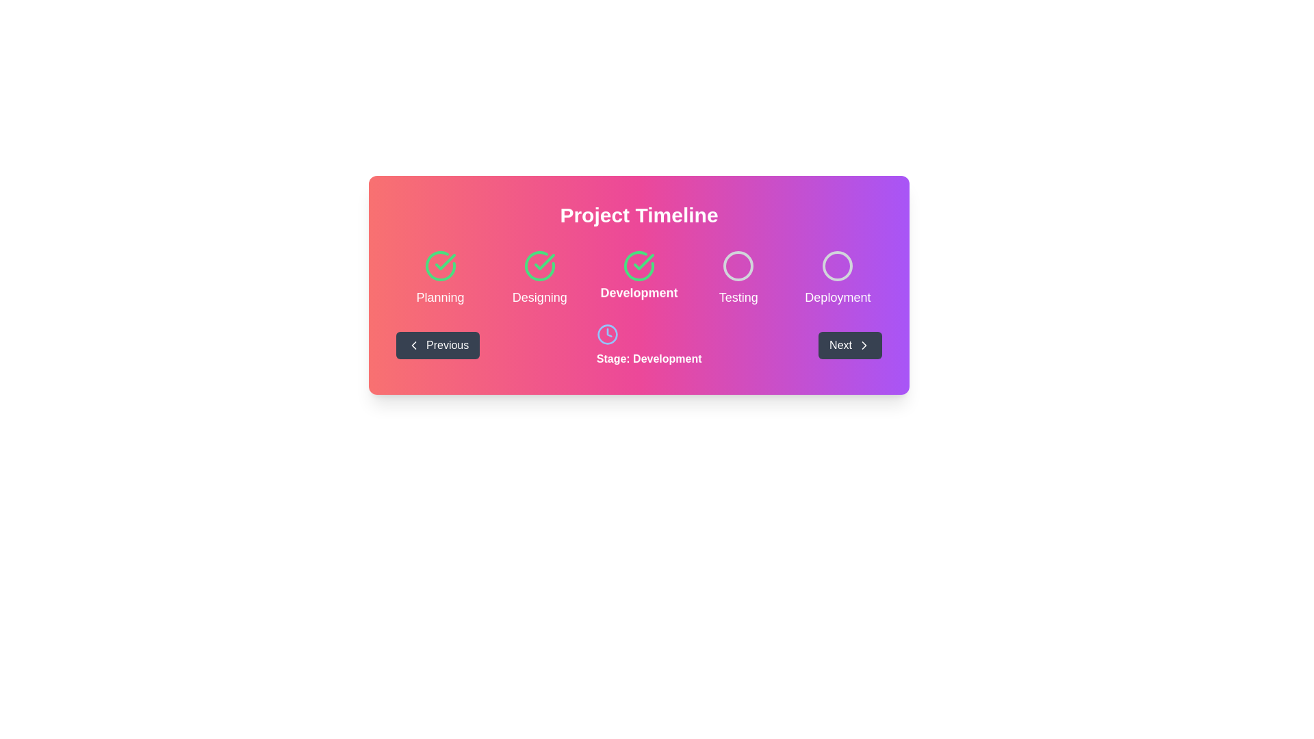 The image size is (1314, 739). Describe the element at coordinates (639, 284) in the screenshot. I see `the 'Development' stage of the Project Timeline by interacting with the Timeline tracker with navigation` at that location.